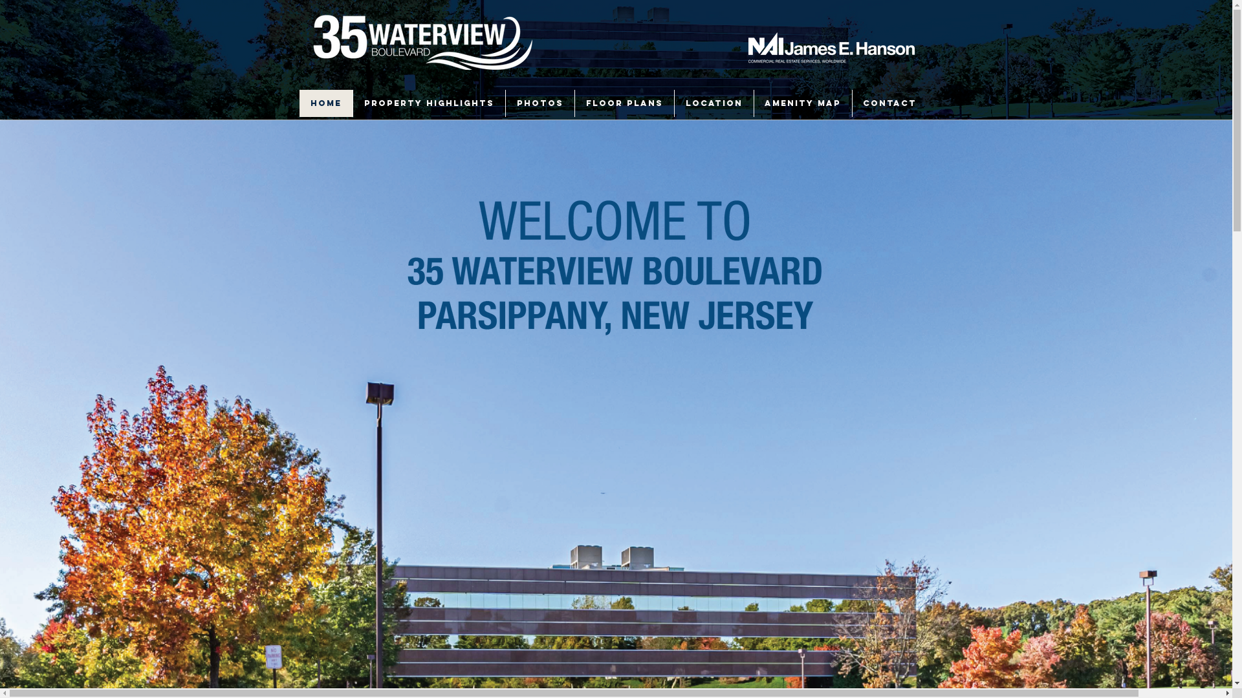 This screenshot has width=1242, height=698. Describe the element at coordinates (624, 102) in the screenshot. I see `'FLOOR PLANS'` at that location.